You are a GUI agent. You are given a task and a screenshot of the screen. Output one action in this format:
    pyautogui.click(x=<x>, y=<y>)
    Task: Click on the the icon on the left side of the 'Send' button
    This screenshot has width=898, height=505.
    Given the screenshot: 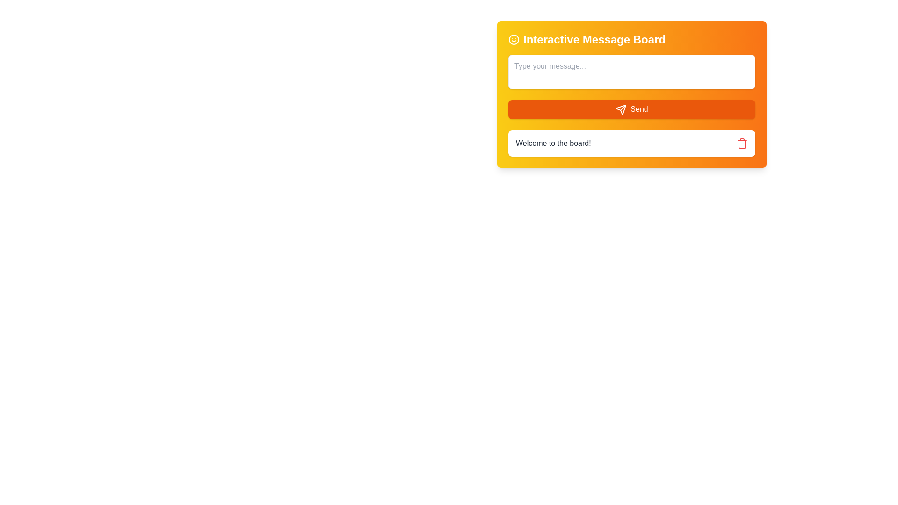 What is the action you would take?
    pyautogui.click(x=621, y=109)
    